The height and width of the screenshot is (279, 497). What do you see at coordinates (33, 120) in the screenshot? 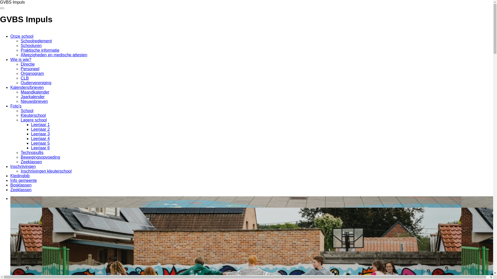
I see `'Lagere school'` at bounding box center [33, 120].